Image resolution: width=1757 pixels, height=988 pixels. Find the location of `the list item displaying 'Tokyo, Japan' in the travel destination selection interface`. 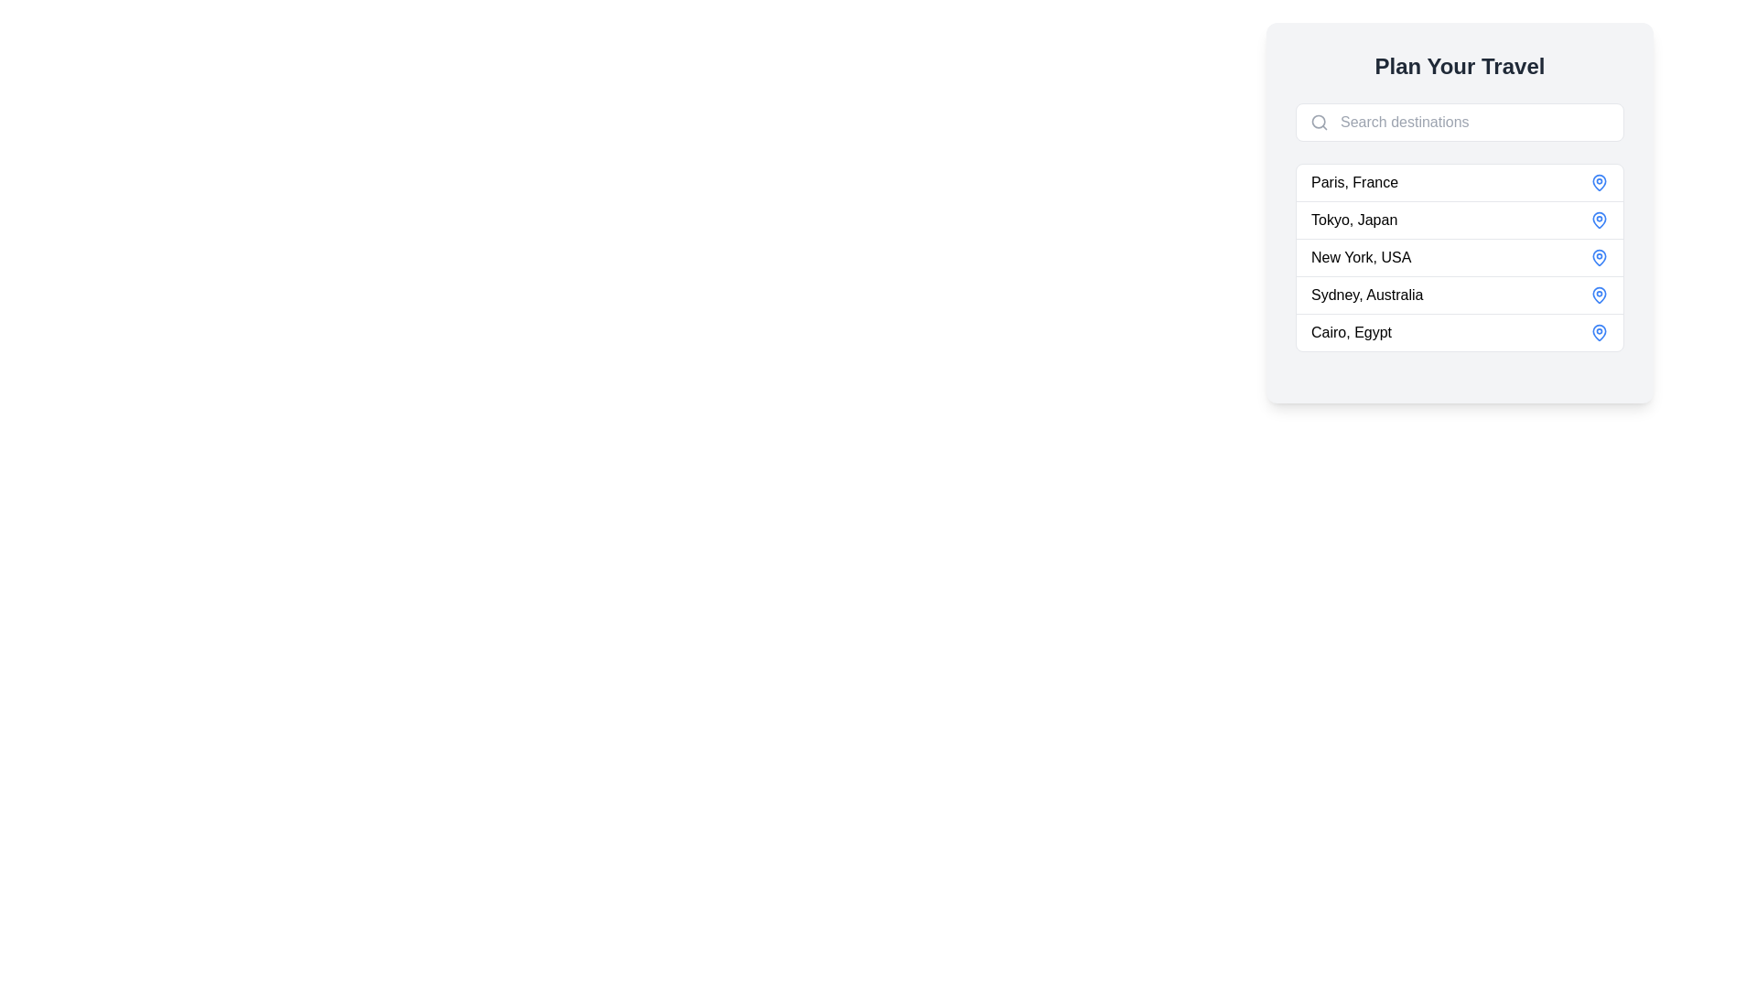

the list item displaying 'Tokyo, Japan' in the travel destination selection interface is located at coordinates (1459, 219).